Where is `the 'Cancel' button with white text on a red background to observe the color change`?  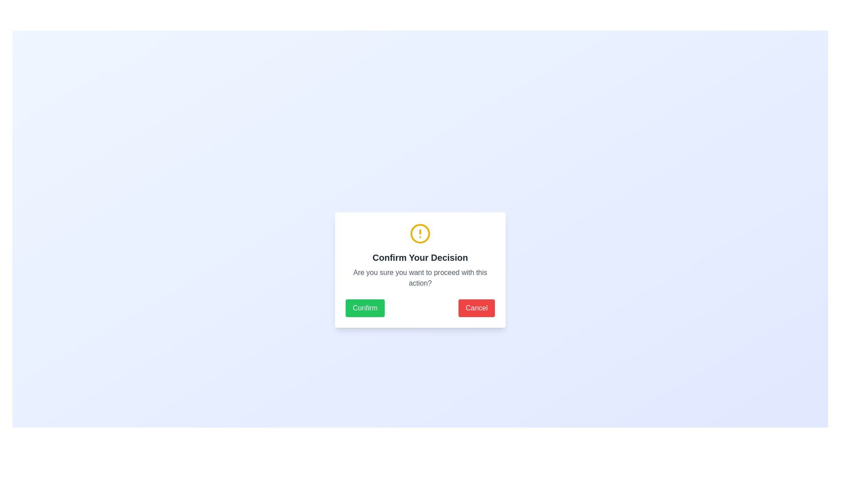 the 'Cancel' button with white text on a red background to observe the color change is located at coordinates (476, 307).